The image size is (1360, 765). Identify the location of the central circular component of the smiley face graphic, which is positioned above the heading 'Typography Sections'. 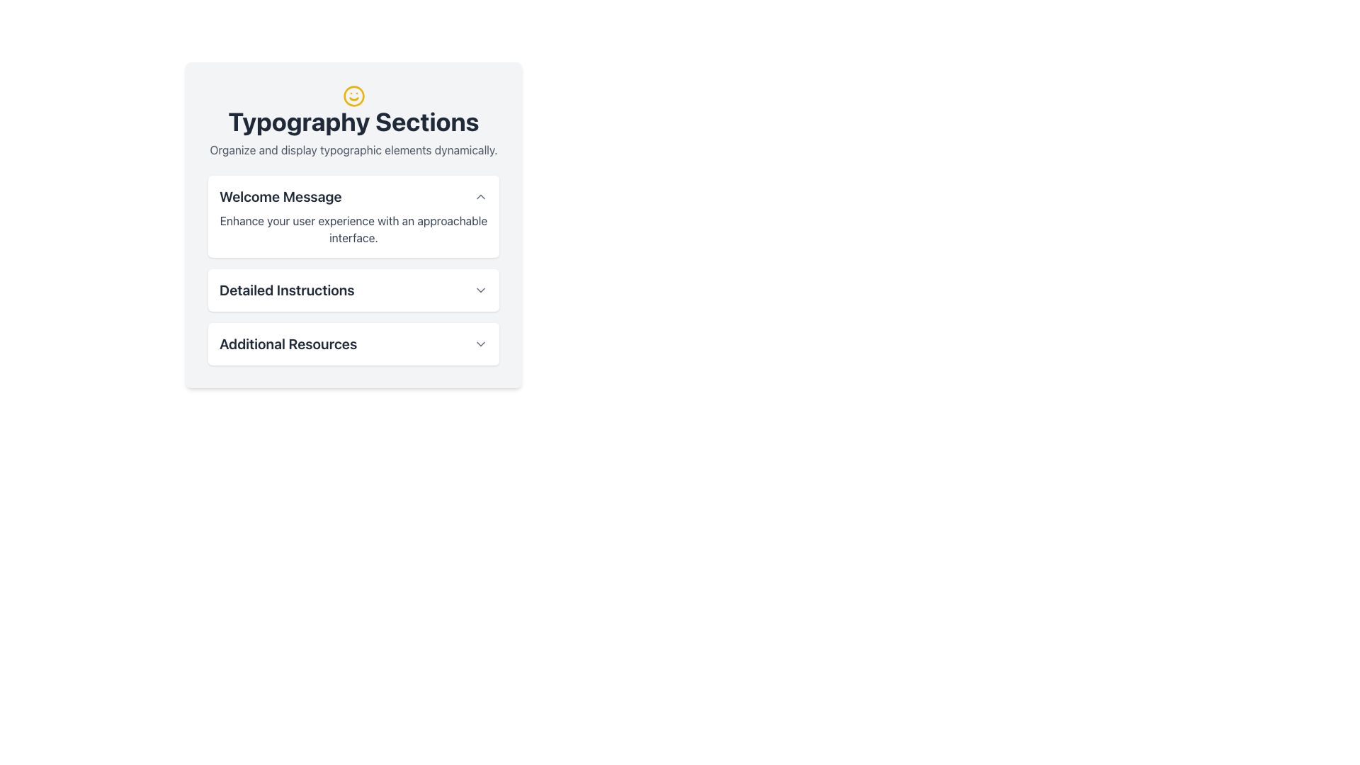
(353, 96).